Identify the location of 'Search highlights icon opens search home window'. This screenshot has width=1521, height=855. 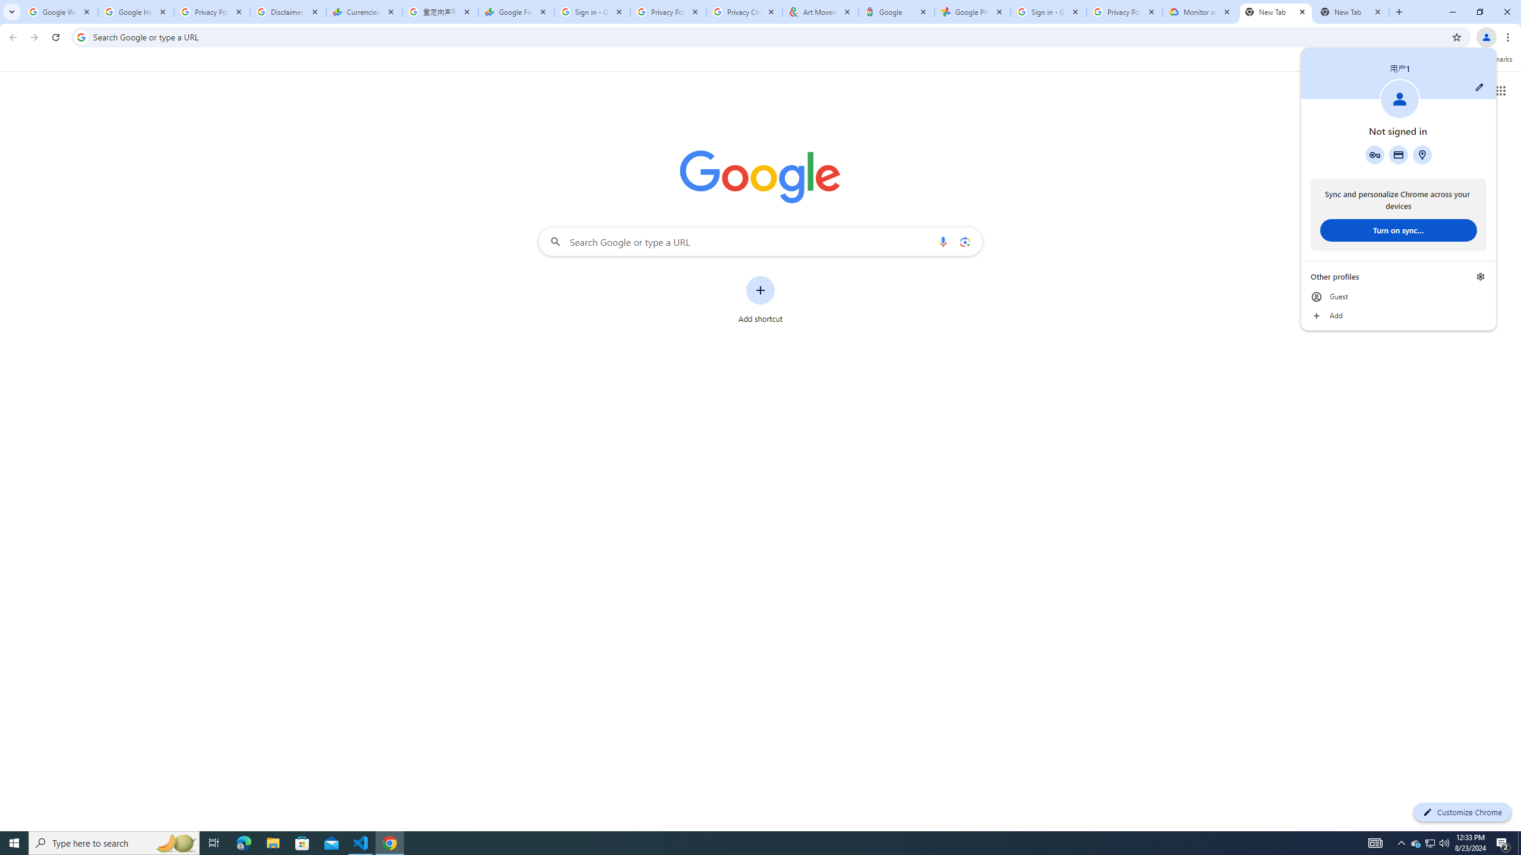
(175, 842).